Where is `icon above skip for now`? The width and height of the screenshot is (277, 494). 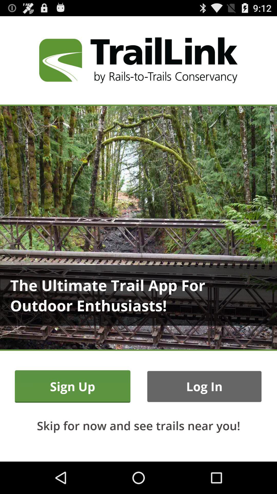 icon above skip for now is located at coordinates (73, 386).